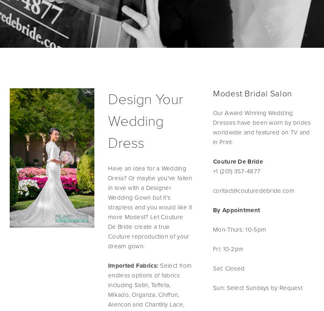 The width and height of the screenshot is (324, 311). Describe the element at coordinates (257, 287) in the screenshot. I see `'Sun: Select Sundays by Request'` at that location.